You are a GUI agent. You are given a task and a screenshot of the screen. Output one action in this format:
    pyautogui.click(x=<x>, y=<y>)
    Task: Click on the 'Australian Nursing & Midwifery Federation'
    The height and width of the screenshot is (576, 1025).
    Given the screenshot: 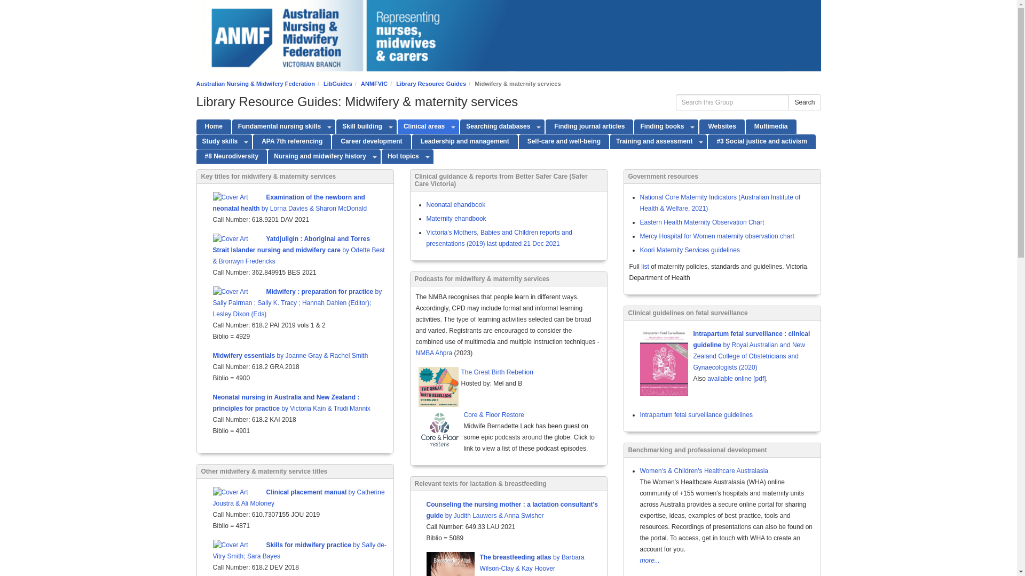 What is the action you would take?
    pyautogui.click(x=255, y=83)
    